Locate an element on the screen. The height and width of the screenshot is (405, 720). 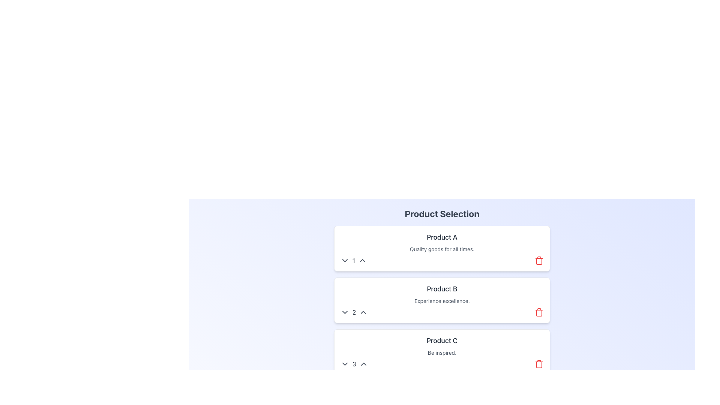
the static textual element displaying a numerical value in the lower-left corner of the 'Product C' box, located between the up and down navigation arrows is located at coordinates (354, 364).